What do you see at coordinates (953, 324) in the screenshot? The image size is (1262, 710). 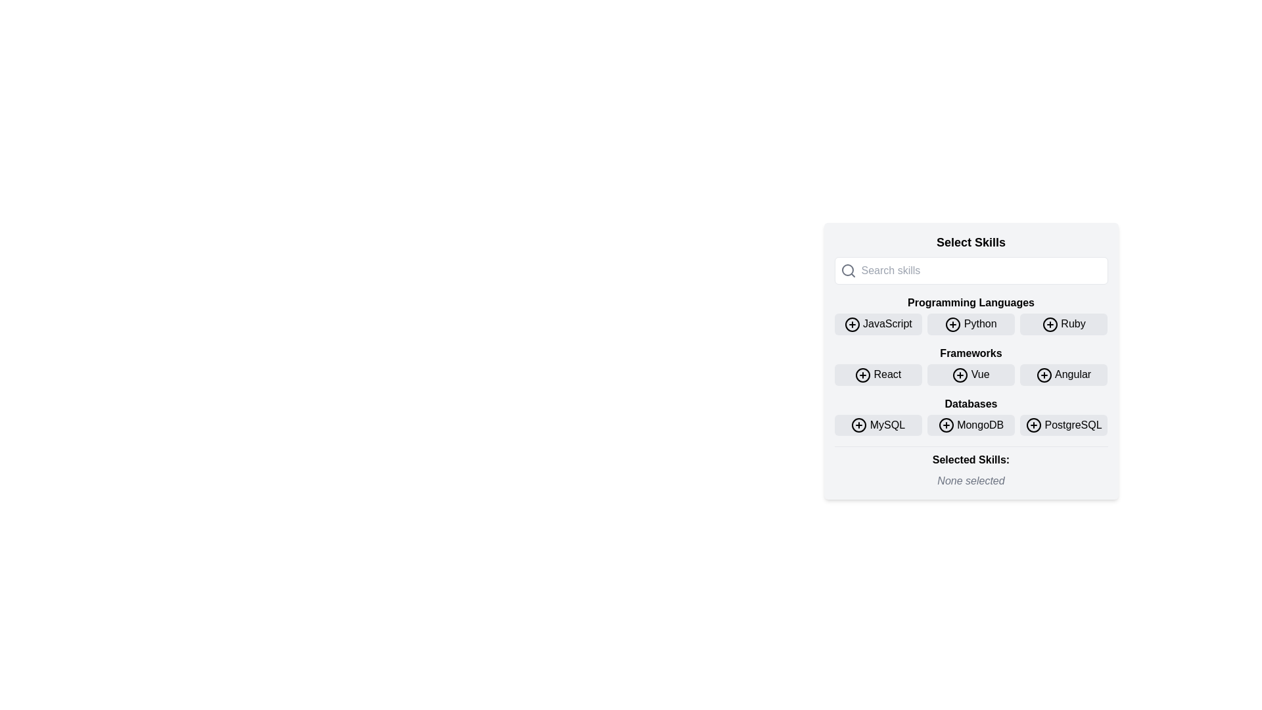 I see `the circular icon button with a plus symbol inside it, located to the left of the 'Python' text in the 'Programming Languages' section of the 'Select Skills' interface` at bounding box center [953, 324].